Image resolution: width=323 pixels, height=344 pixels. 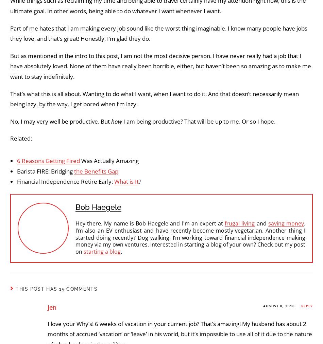 What do you see at coordinates (158, 153) in the screenshot?
I see `'I want to reclaim my time. I have said before that I have no immediate plans to make any sort of drastic career change. In fact, that generally is not considered to be the FI philosophy. The FI philosophy is about having options.'` at bounding box center [158, 153].